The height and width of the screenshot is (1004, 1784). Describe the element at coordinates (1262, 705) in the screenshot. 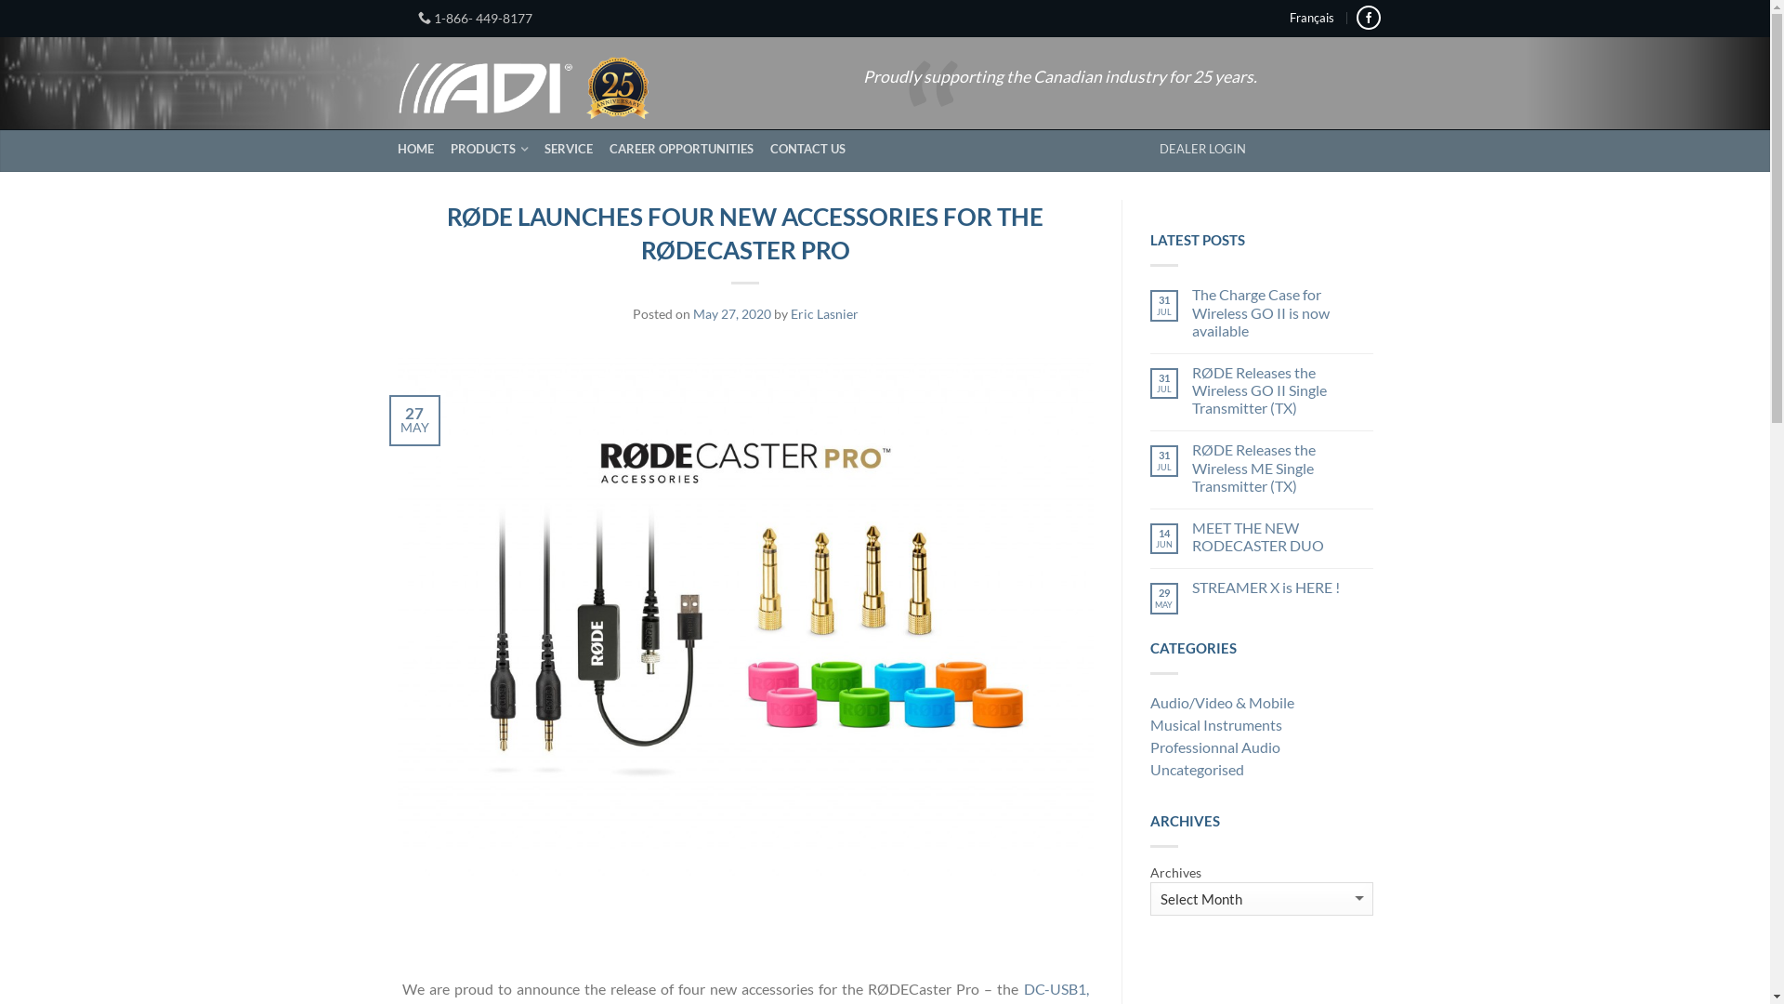

I see `'Audio/Video & Mobile'` at that location.